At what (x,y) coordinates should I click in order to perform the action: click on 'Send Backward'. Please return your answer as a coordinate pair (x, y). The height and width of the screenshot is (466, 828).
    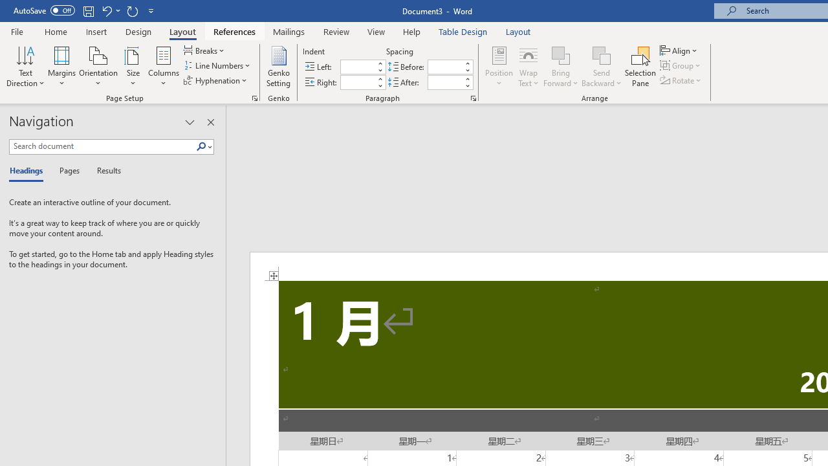
    Looking at the image, I should click on (601, 54).